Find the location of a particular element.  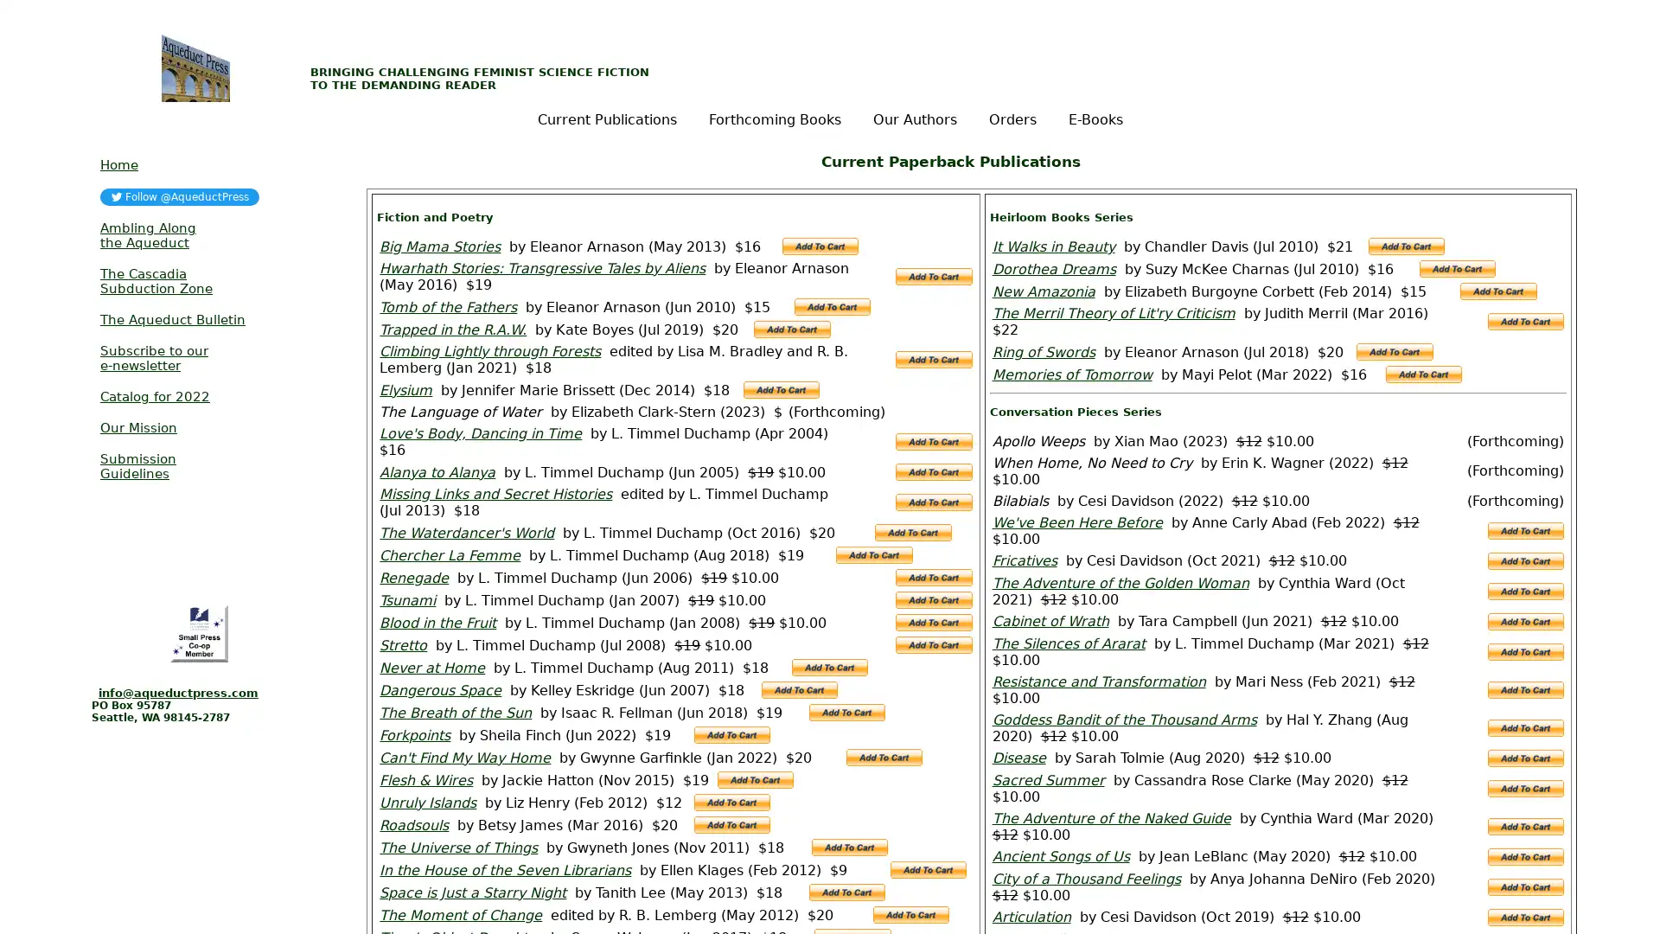

Make payments with PayPal - it\'s fast, free and secure! is located at coordinates (1525, 726).